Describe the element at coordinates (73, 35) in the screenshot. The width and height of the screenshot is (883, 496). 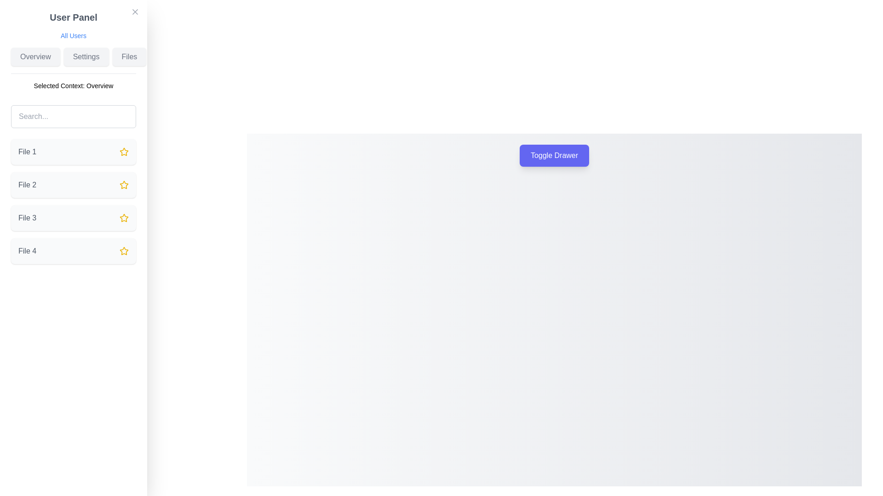
I see `the interactive text label 'All Users' styled in blue font, located within the User Panel, positioned below the 'User Panel' heading` at that location.